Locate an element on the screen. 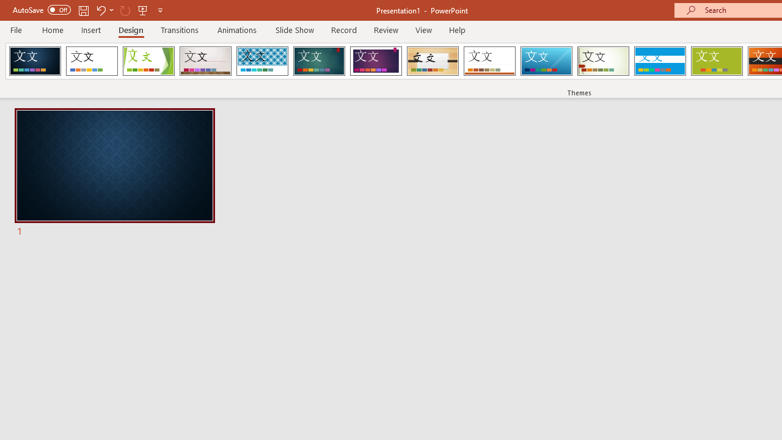 The image size is (782, 440). 'Facet' is located at coordinates (148, 61).